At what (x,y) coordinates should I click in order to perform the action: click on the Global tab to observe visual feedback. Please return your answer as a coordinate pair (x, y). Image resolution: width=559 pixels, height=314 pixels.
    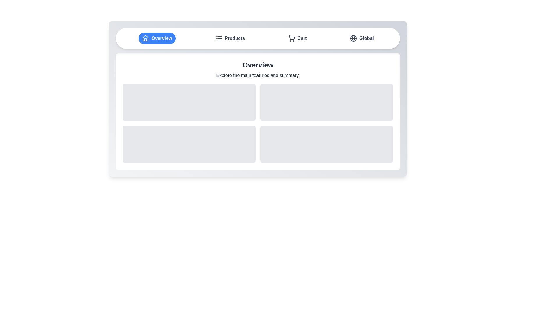
    Looking at the image, I should click on (361, 38).